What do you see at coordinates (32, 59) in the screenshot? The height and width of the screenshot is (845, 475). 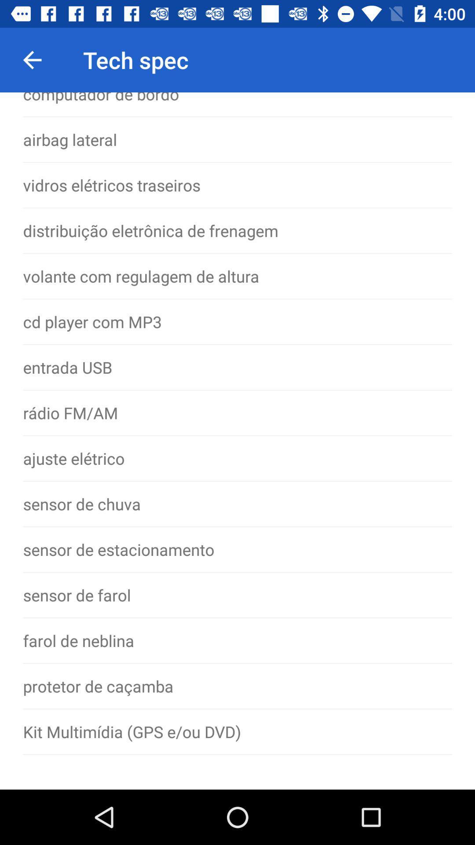 I see `item to the left of tech spec icon` at bounding box center [32, 59].